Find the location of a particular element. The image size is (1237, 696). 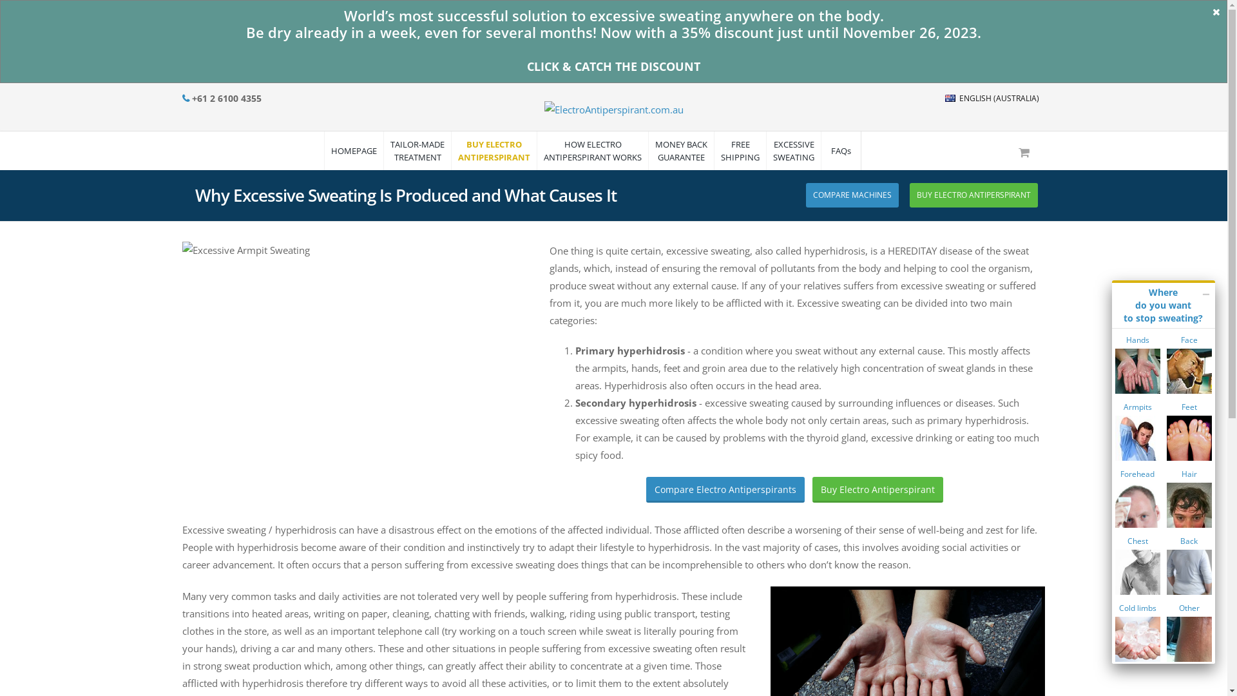

'TAILOR-MADE is located at coordinates (417, 150).